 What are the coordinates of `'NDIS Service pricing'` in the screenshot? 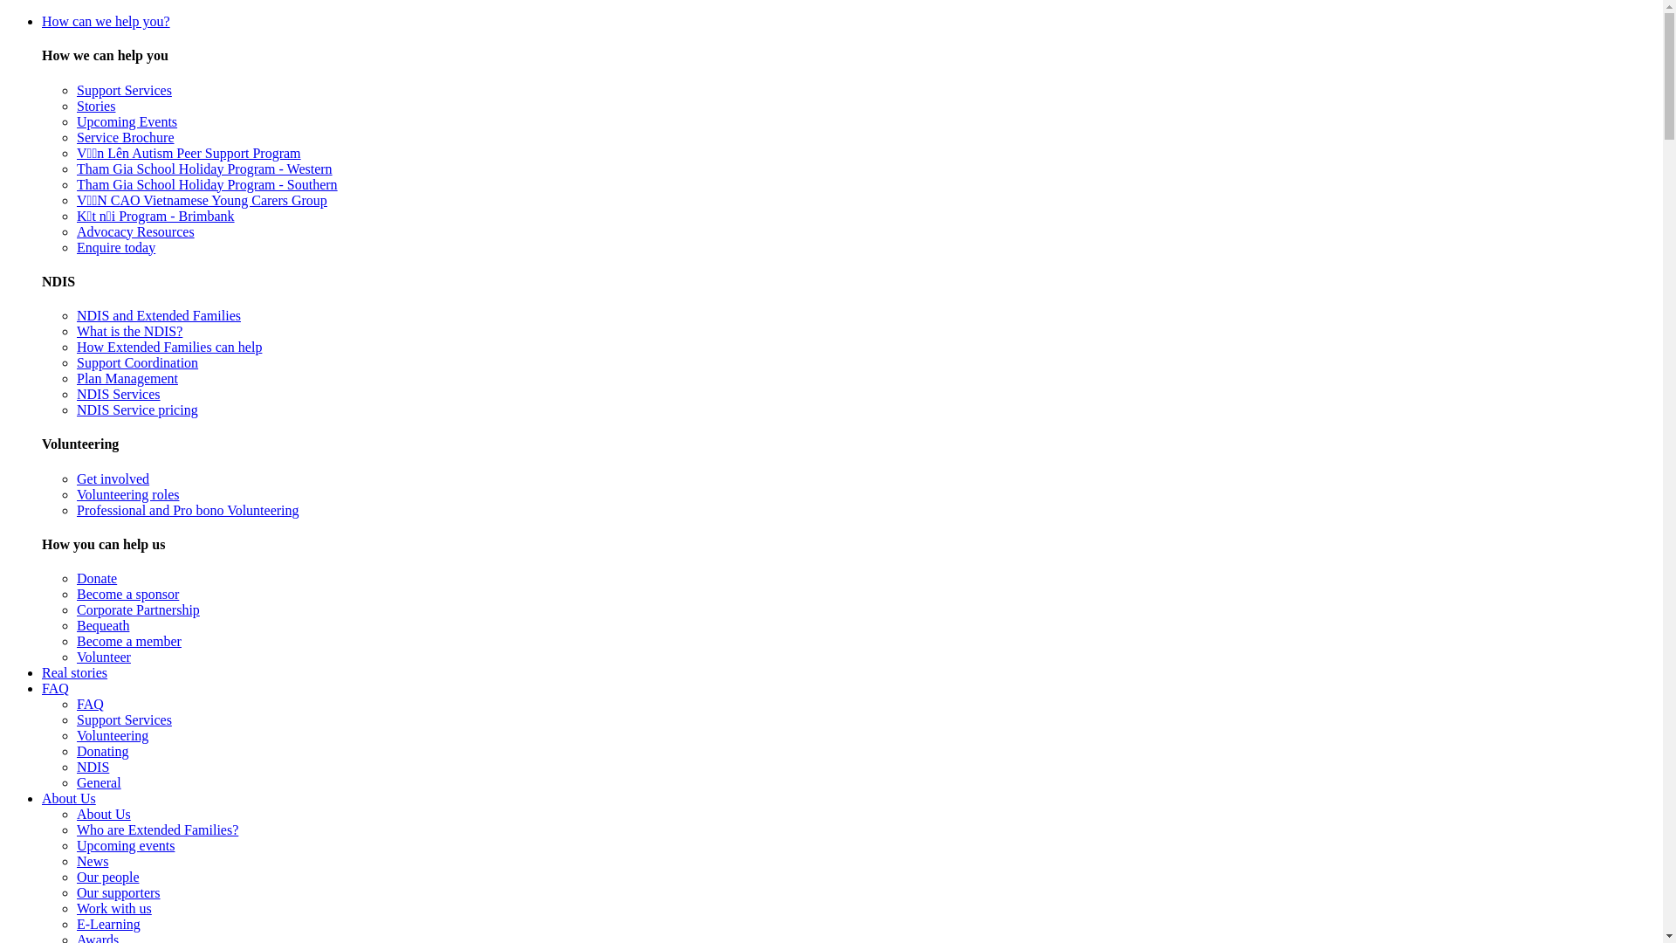 It's located at (136, 410).